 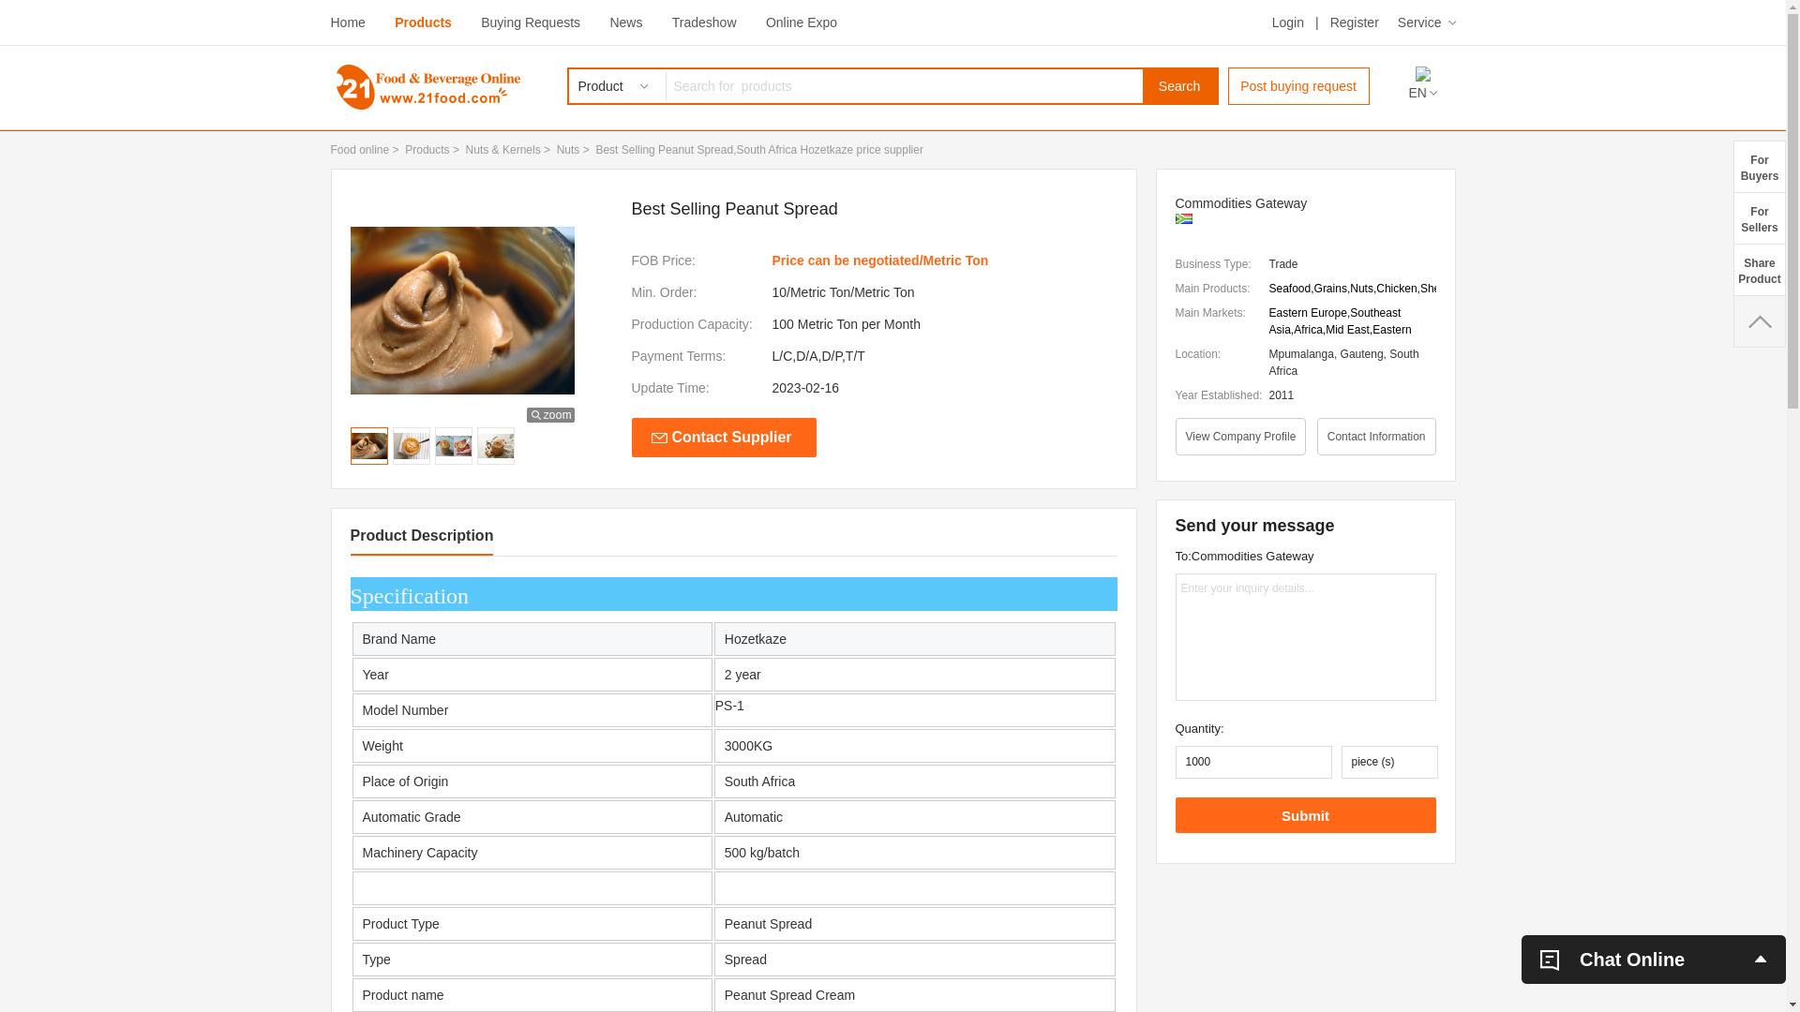 I want to click on 'Submit', so click(x=1304, y=814).